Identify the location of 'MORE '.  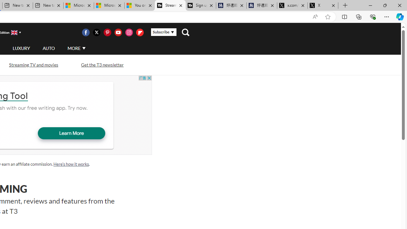
(76, 48).